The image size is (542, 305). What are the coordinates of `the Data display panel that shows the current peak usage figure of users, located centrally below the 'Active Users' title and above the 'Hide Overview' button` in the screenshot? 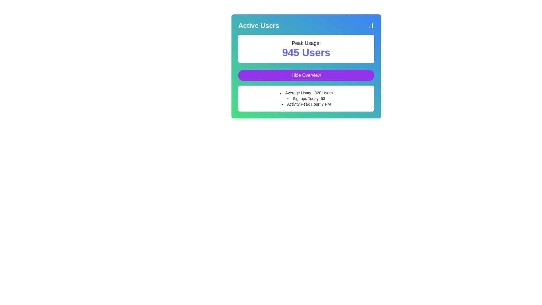 It's located at (306, 49).